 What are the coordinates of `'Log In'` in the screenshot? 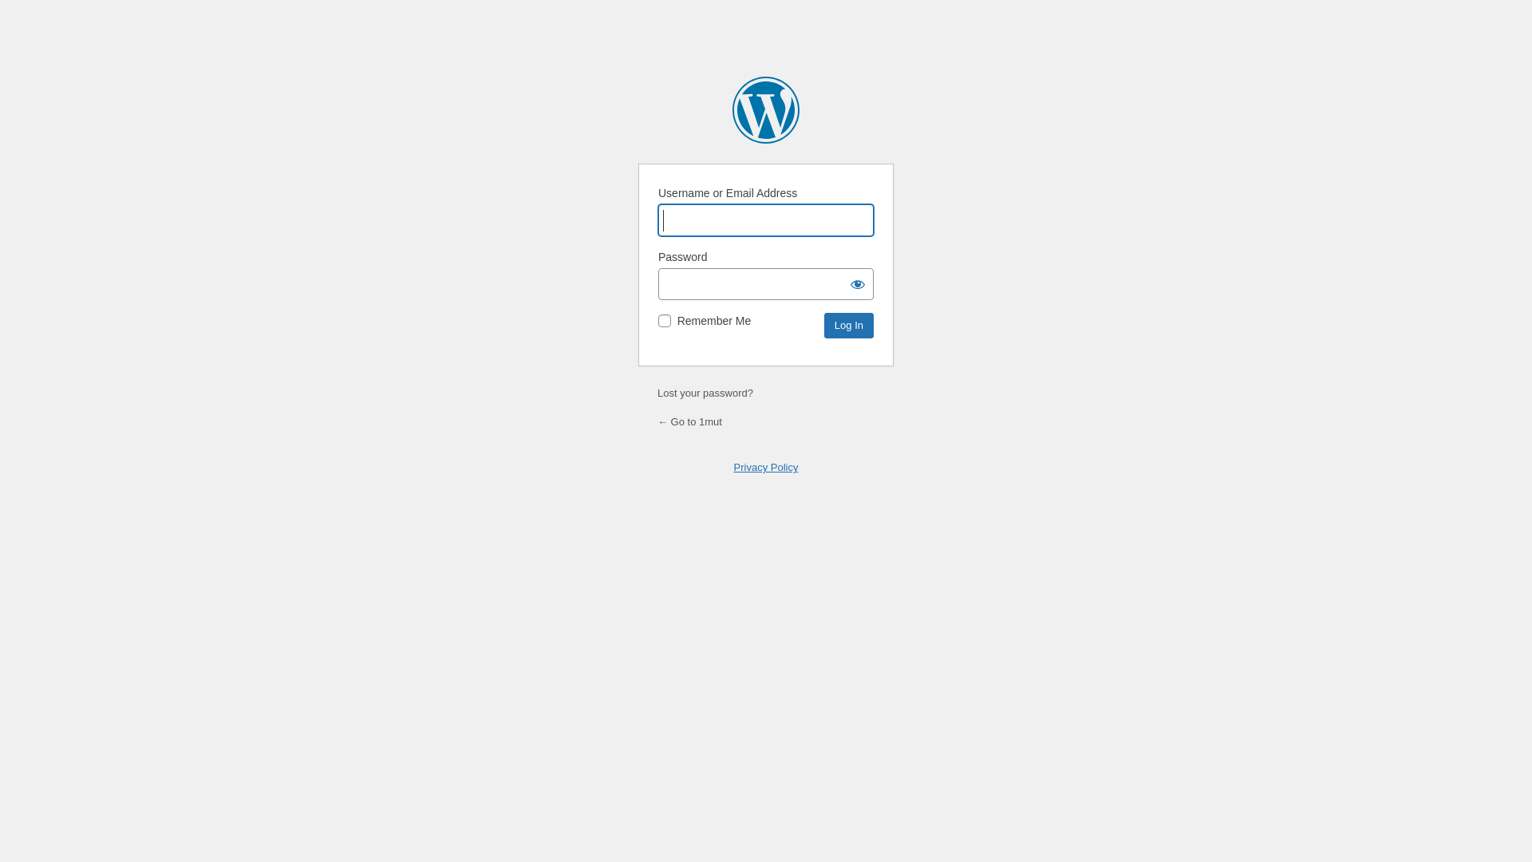 It's located at (848, 325).